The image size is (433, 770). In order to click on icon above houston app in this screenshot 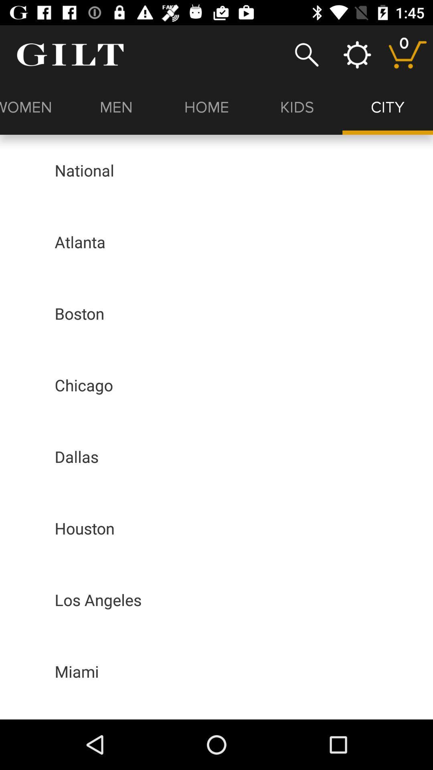, I will do `click(77, 456)`.